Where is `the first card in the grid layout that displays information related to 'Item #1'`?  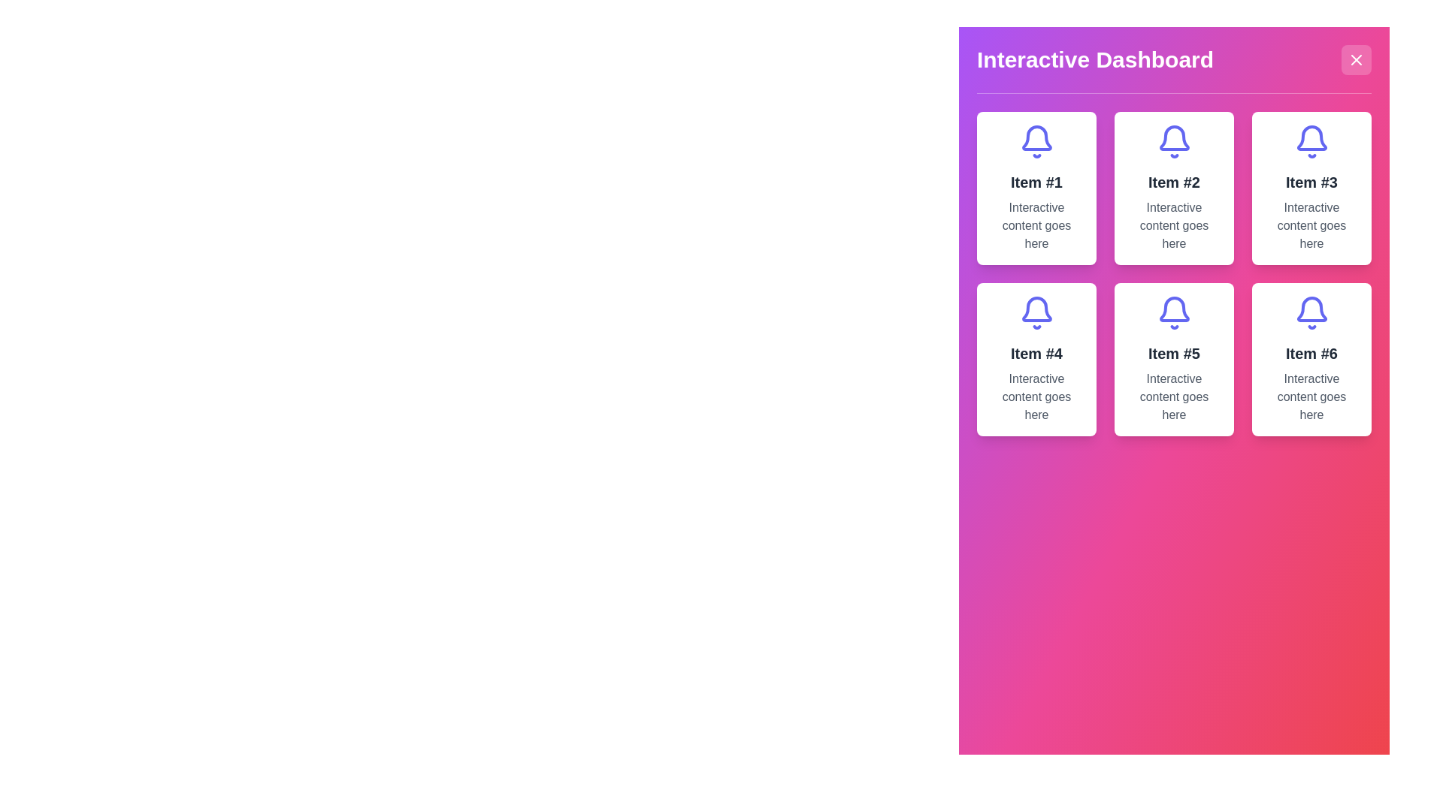 the first card in the grid layout that displays information related to 'Item #1' is located at coordinates (1036, 187).